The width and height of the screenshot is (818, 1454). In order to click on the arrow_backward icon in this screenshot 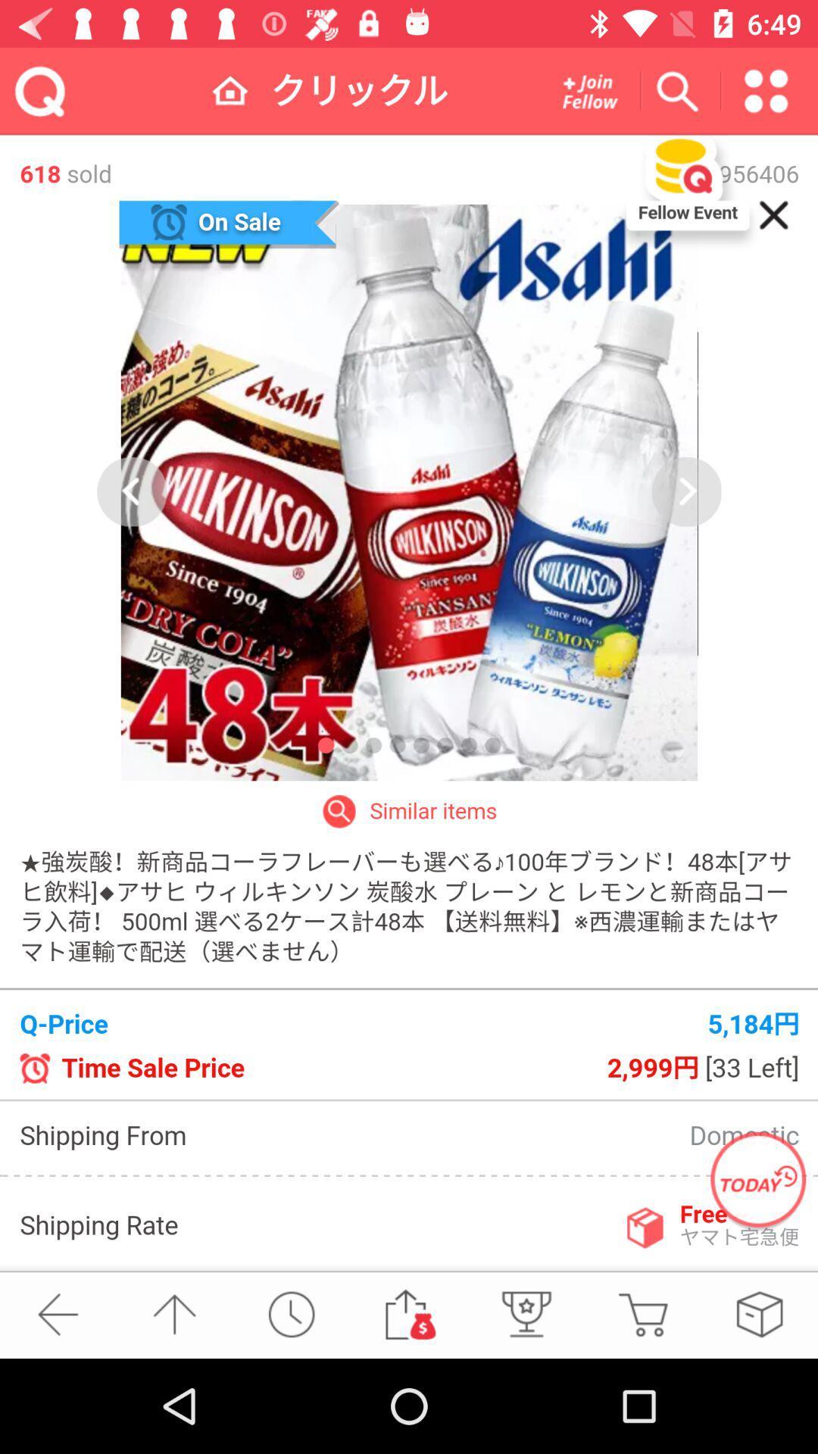, I will do `click(57, 1313)`.